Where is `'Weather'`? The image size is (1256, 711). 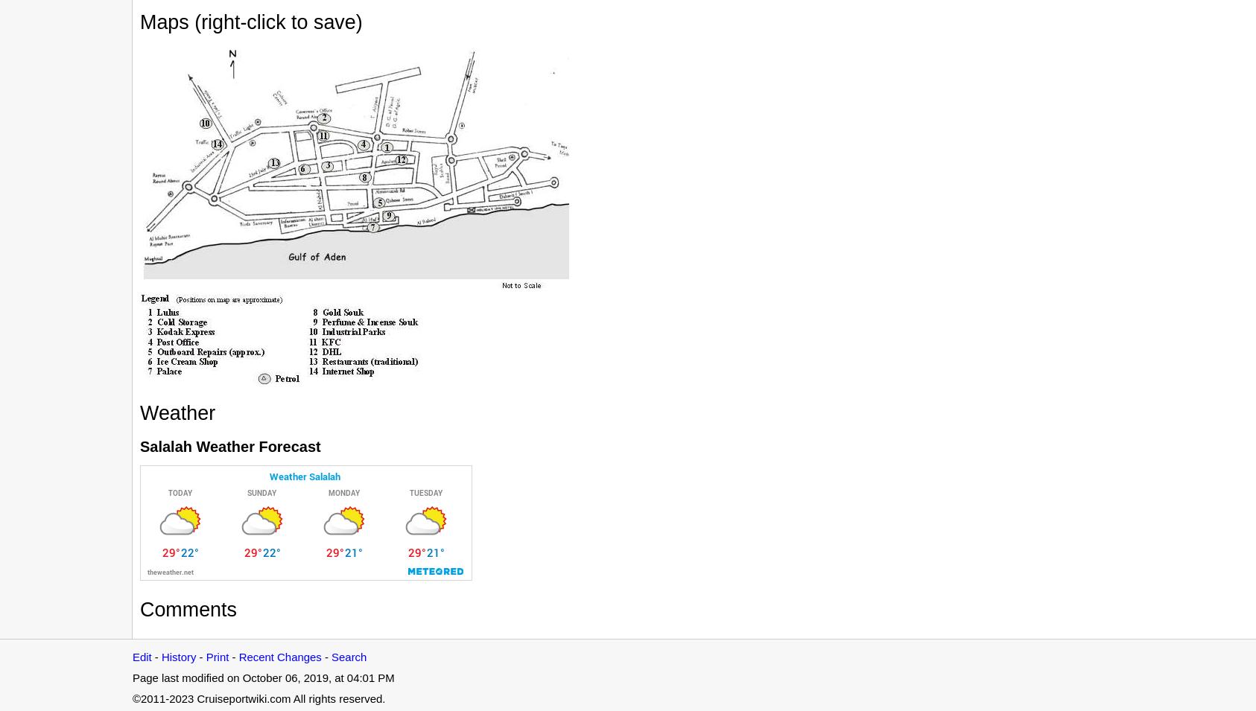 'Weather' is located at coordinates (177, 413).